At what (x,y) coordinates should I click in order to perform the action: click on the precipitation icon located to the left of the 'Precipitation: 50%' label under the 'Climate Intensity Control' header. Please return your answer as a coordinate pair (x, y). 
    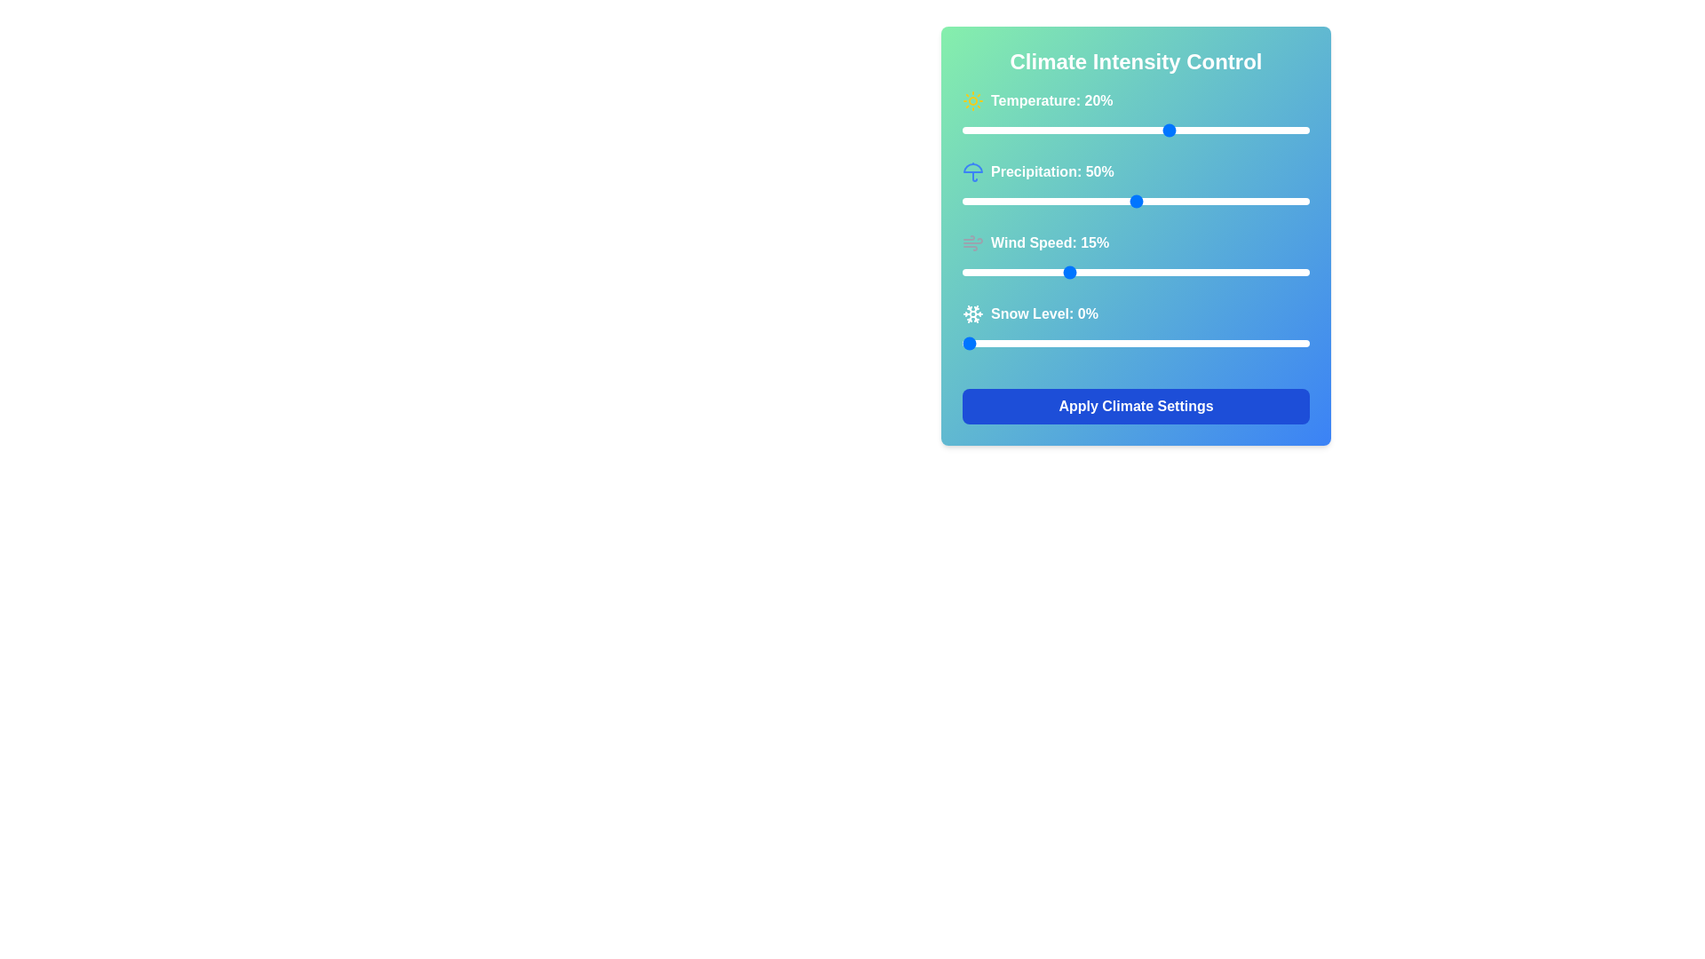
    Looking at the image, I should click on (971, 171).